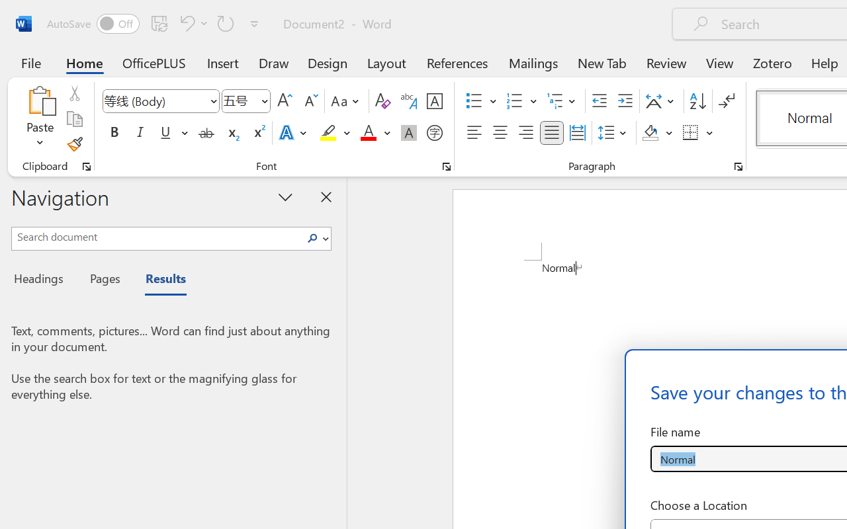 This screenshot has width=847, height=529. Describe the element at coordinates (328, 133) in the screenshot. I see `'Text Highlight Color Yellow'` at that location.